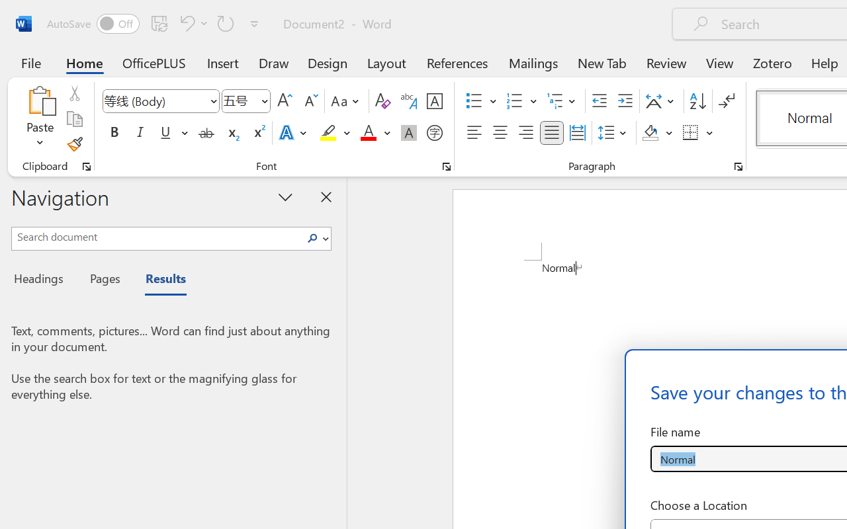 This screenshot has width=847, height=529. Describe the element at coordinates (328, 133) in the screenshot. I see `'Text Highlight Color Yellow'` at that location.